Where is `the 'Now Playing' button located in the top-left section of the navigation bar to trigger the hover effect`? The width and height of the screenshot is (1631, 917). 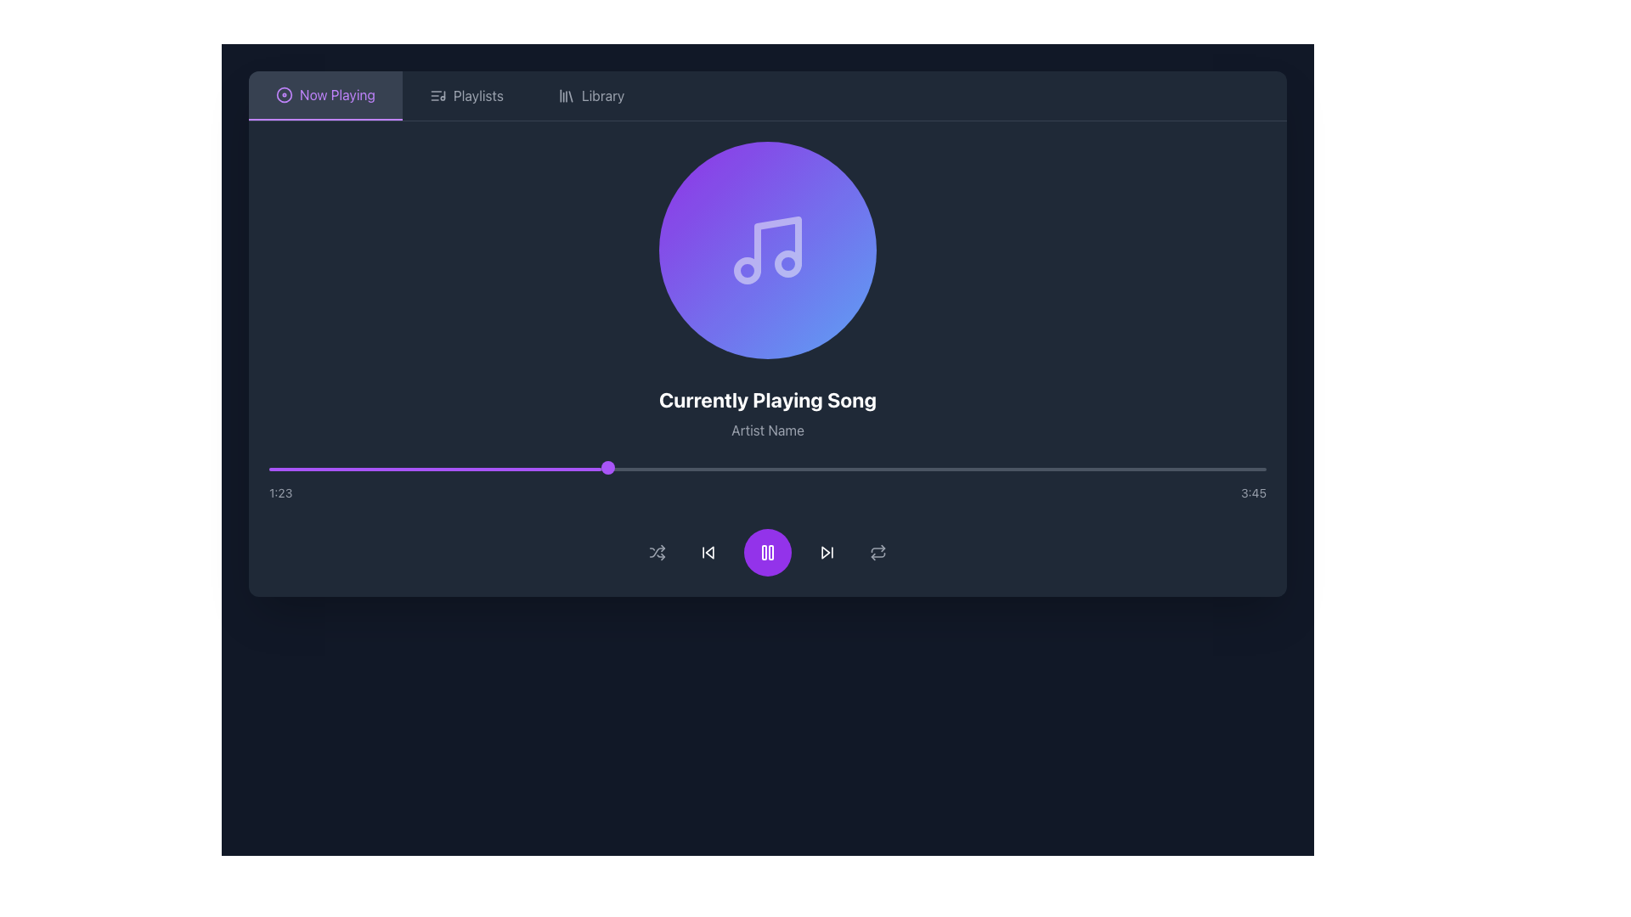
the 'Now Playing' button located in the top-left section of the navigation bar to trigger the hover effect is located at coordinates (325, 95).